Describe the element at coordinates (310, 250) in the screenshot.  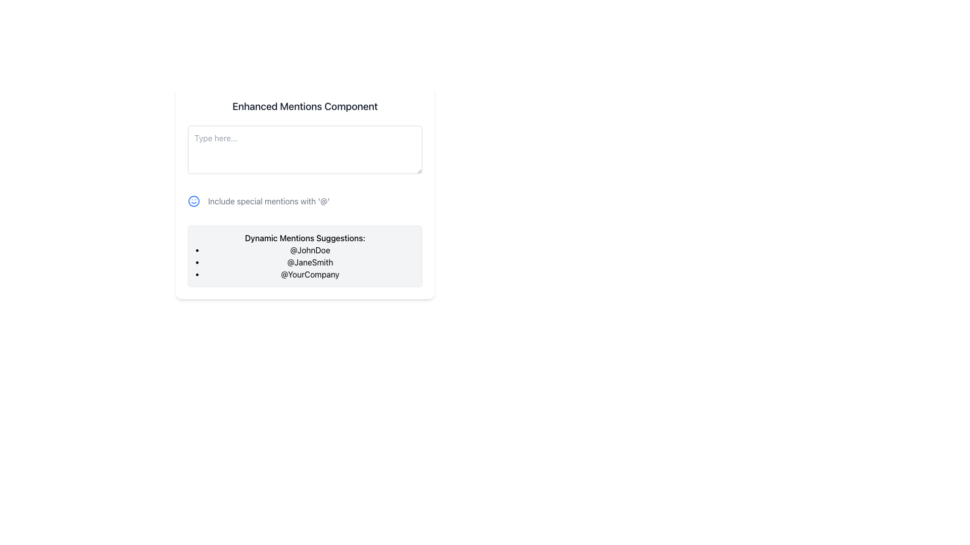
I see `the first mention suggestion item '@JohnDoe' in the suggestion box of the Enhanced Mentions Component` at that location.